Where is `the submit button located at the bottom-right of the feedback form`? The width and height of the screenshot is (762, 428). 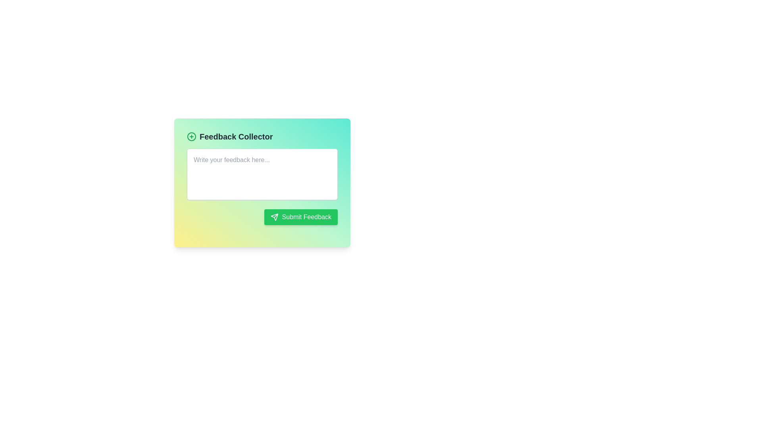
the submit button located at the bottom-right of the feedback form is located at coordinates (262, 217).